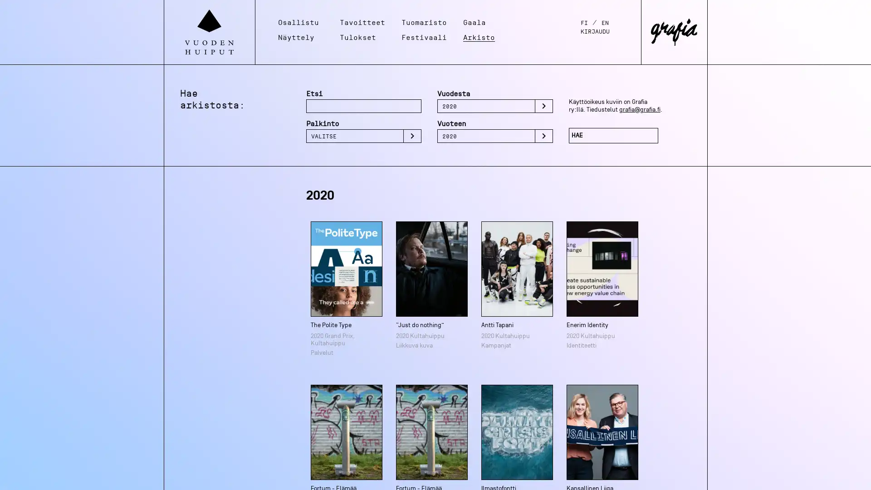 The image size is (871, 490). I want to click on >, so click(543, 136).